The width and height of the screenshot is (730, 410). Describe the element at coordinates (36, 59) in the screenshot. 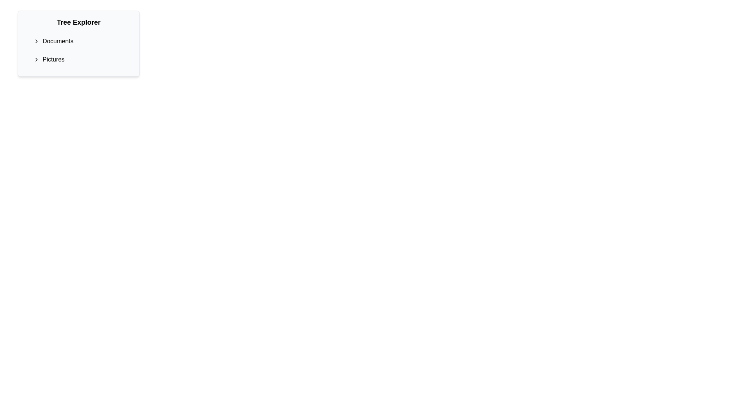

I see `the right-angled chevron icon located to the left of the 'Pictures' label under the 'Tree Explorer' header` at that location.